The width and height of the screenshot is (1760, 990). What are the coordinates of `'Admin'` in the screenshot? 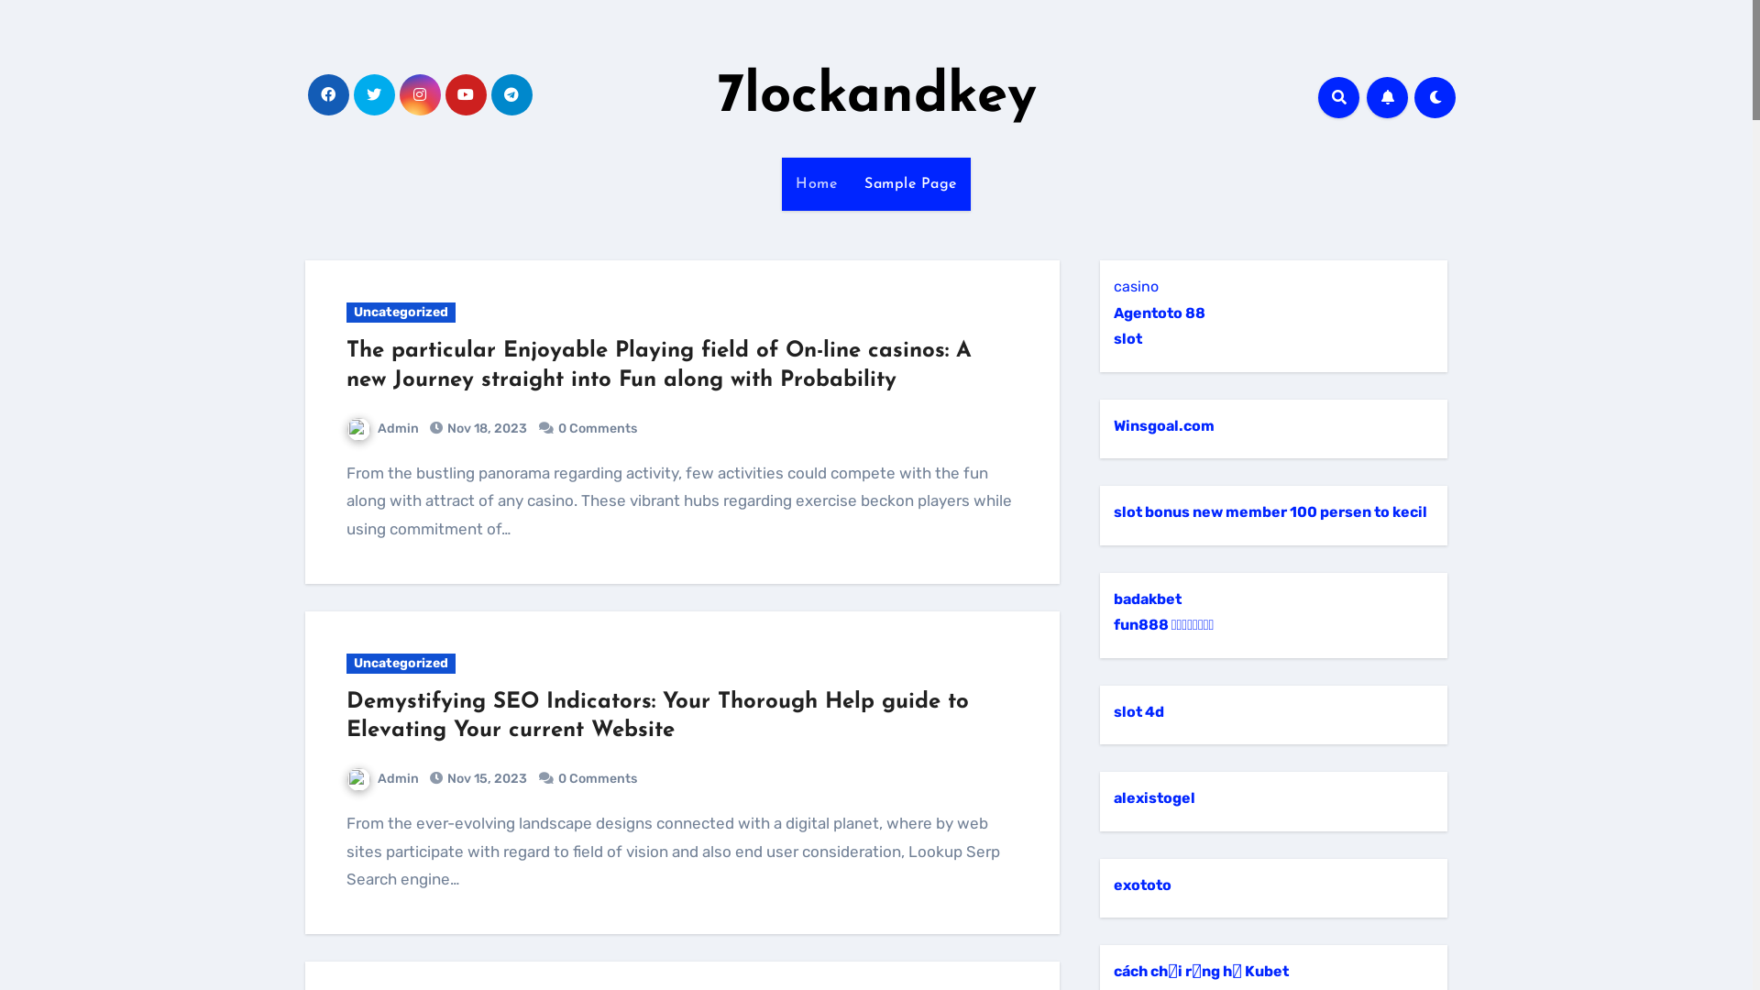 It's located at (381, 778).